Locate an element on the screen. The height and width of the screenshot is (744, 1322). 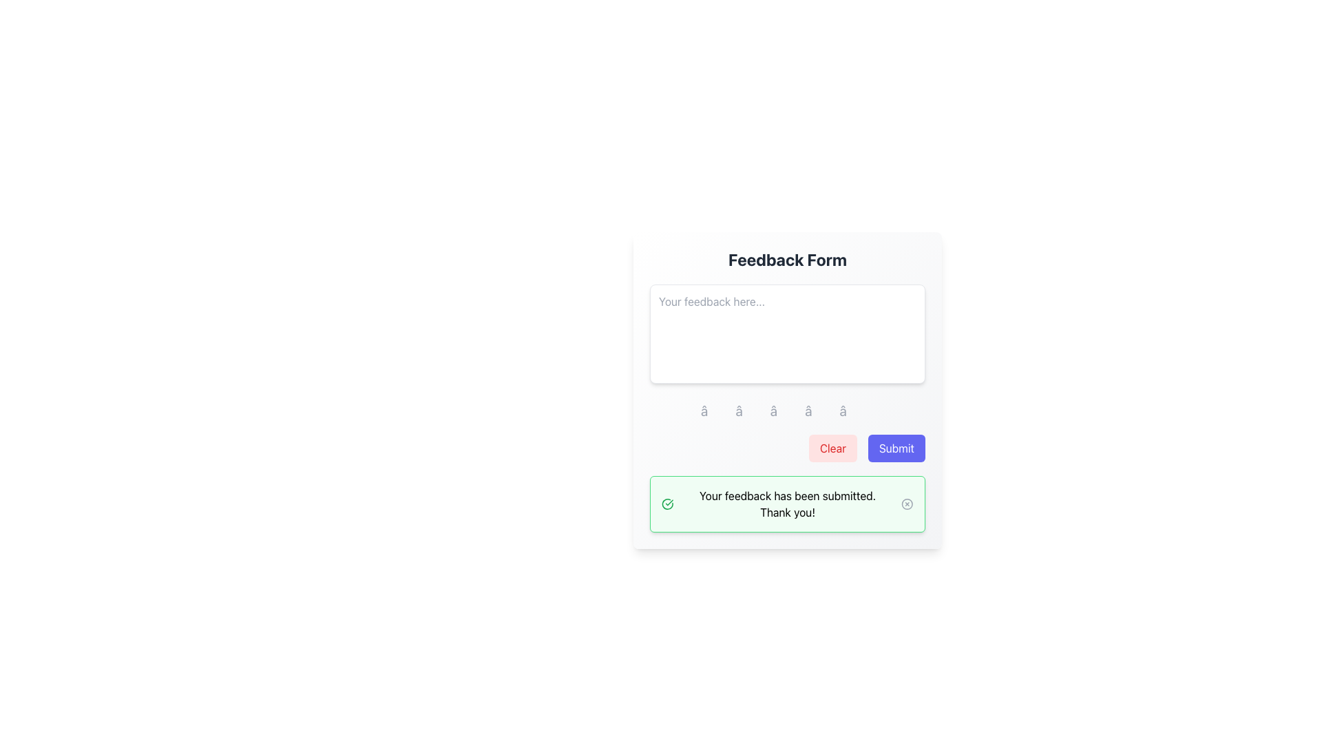
the 'Clear' button, which is a rectangular button with rounded edges, a light red background, and displays bold, red text. This button is located towards the bottom of the form interface, to the left of the 'Submit' button is located at coordinates (832, 448).